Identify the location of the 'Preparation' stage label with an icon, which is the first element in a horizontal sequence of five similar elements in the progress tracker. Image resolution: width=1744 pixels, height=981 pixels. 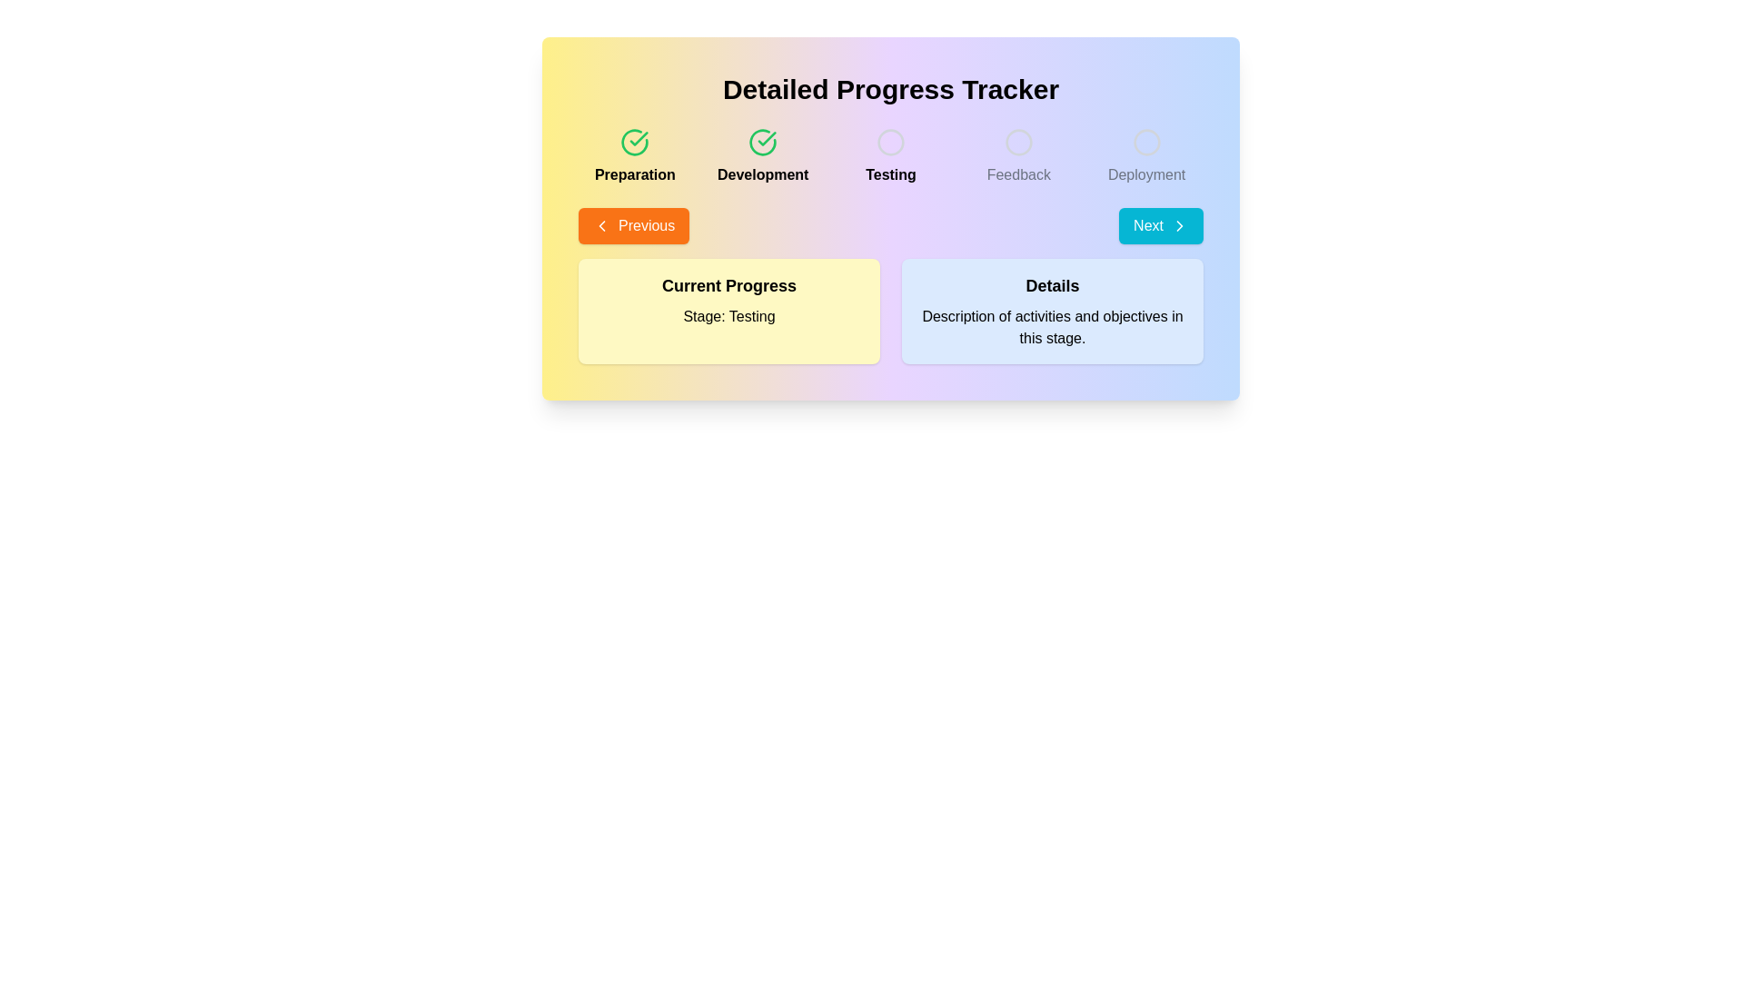
(635, 156).